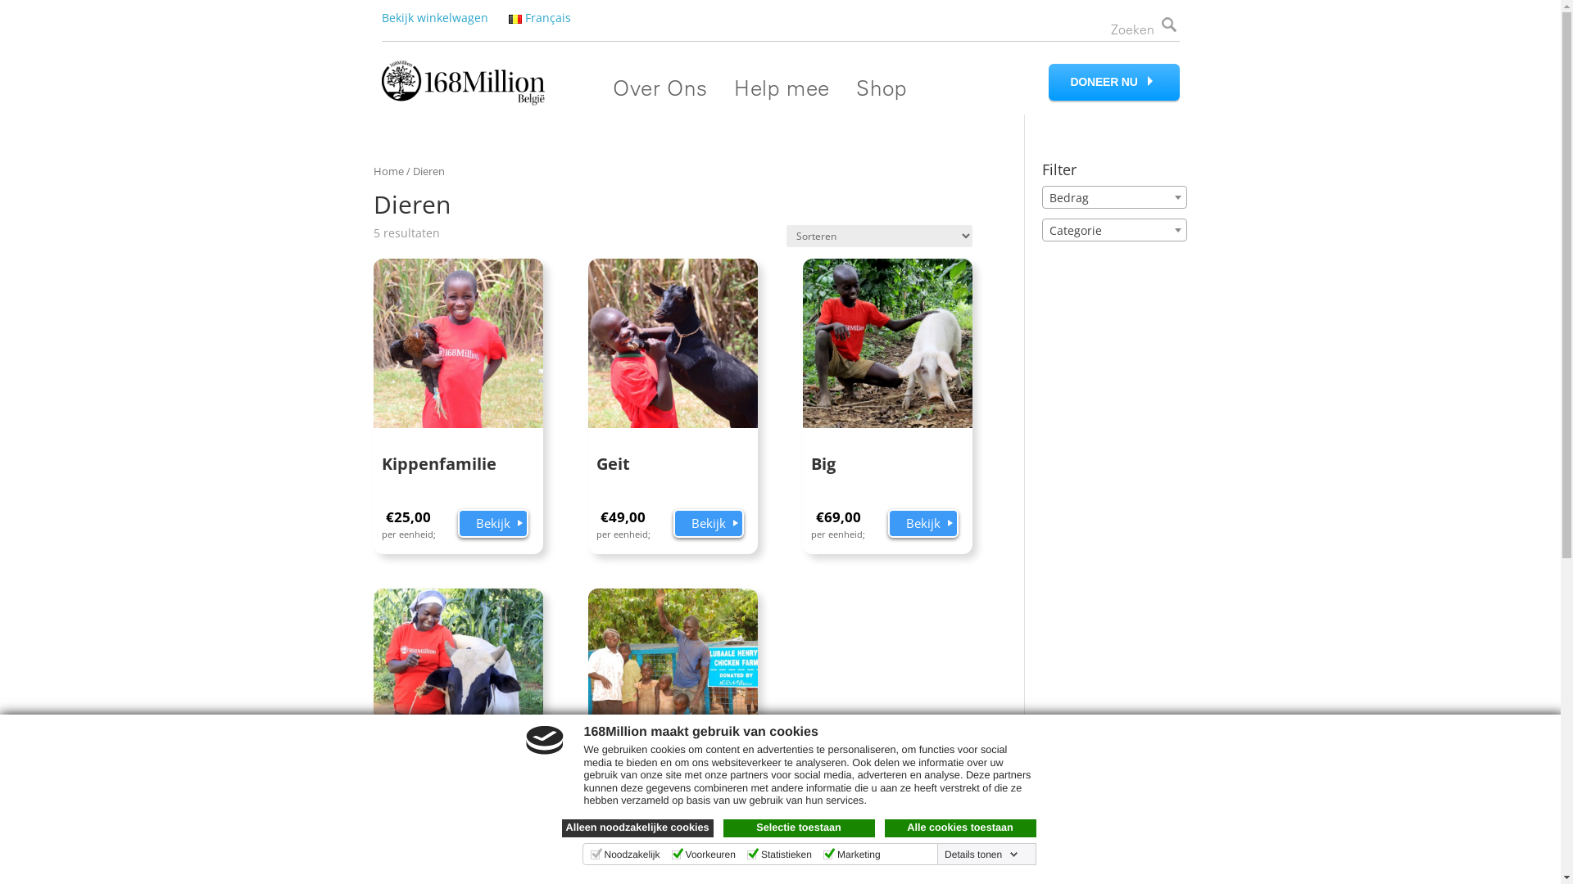 The width and height of the screenshot is (1573, 884). Describe the element at coordinates (458, 704) in the screenshot. I see `'Koe'` at that location.